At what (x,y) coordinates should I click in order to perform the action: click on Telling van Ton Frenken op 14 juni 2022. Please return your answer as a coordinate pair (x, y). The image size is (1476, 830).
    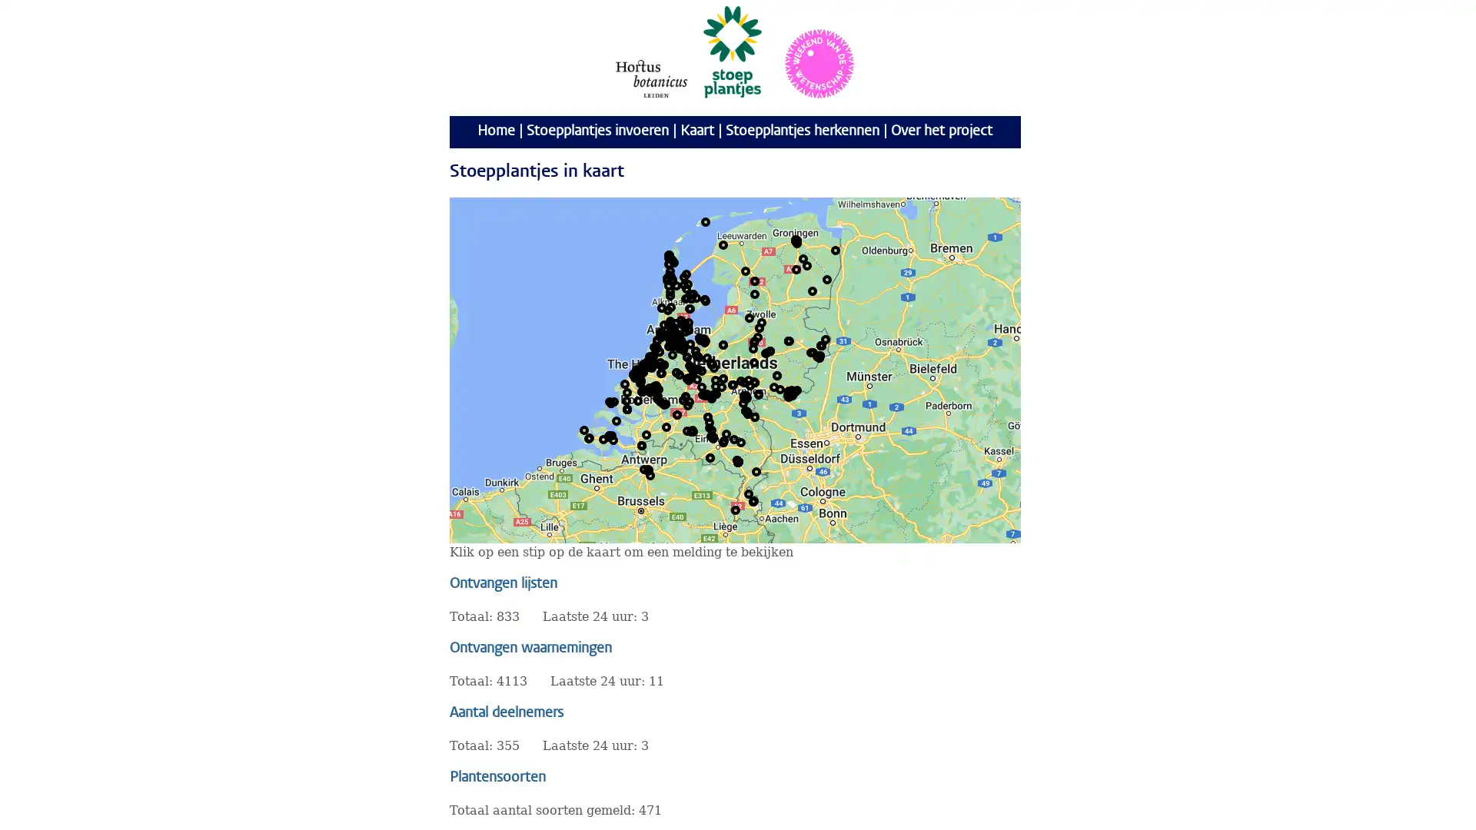
    Looking at the image, I should click on (738, 461).